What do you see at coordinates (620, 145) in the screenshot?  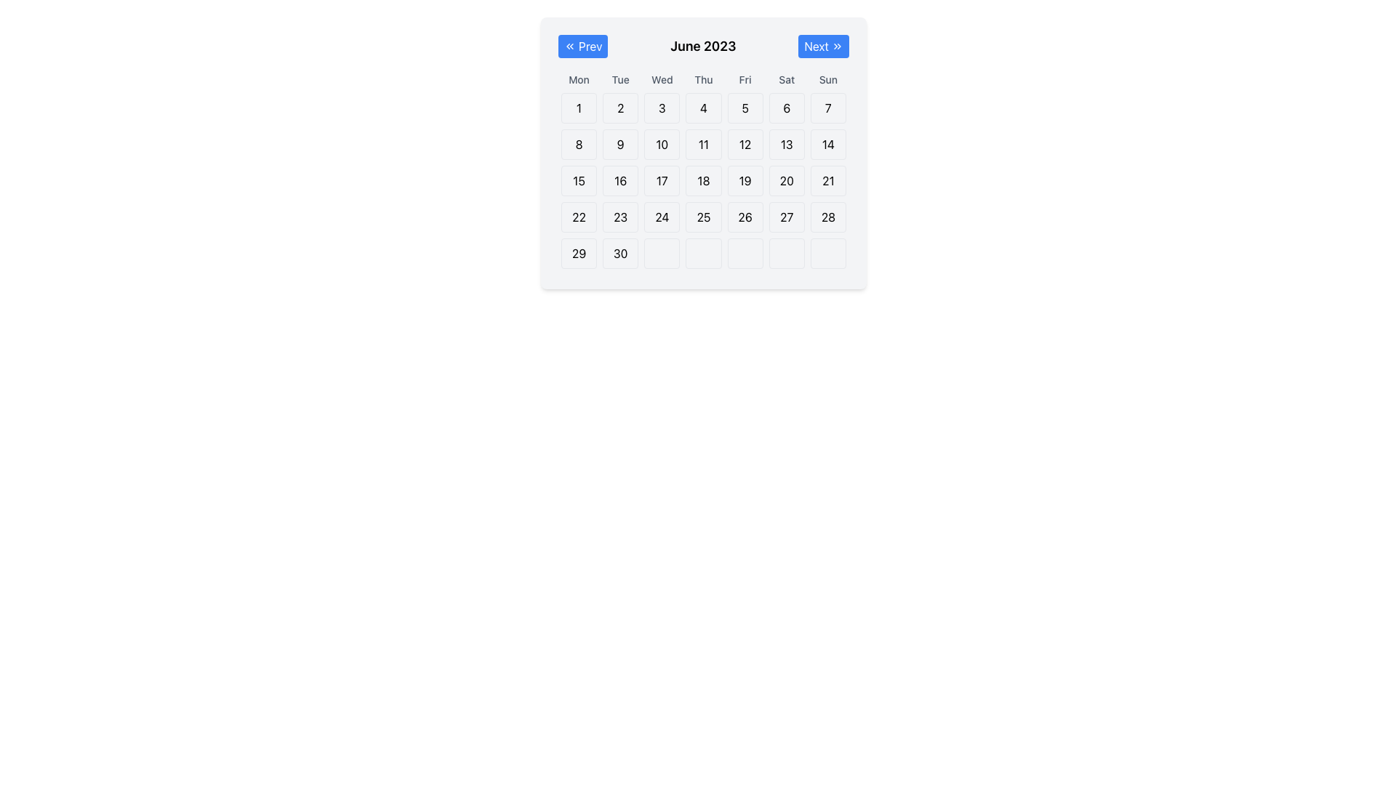 I see `the calendar date button representing the 9th day of the month` at bounding box center [620, 145].